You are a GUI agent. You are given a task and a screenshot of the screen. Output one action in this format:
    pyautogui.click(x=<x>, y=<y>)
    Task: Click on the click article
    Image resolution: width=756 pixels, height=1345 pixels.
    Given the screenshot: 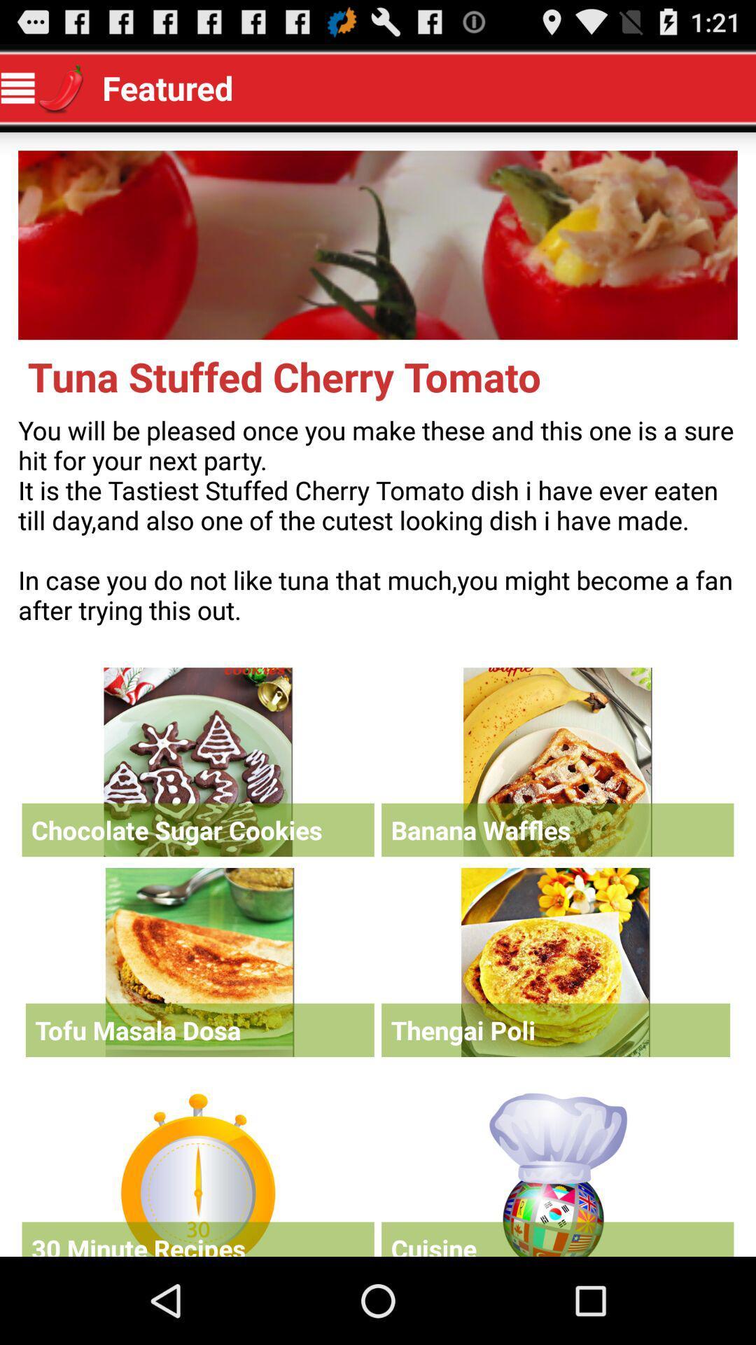 What is the action you would take?
    pyautogui.click(x=199, y=961)
    